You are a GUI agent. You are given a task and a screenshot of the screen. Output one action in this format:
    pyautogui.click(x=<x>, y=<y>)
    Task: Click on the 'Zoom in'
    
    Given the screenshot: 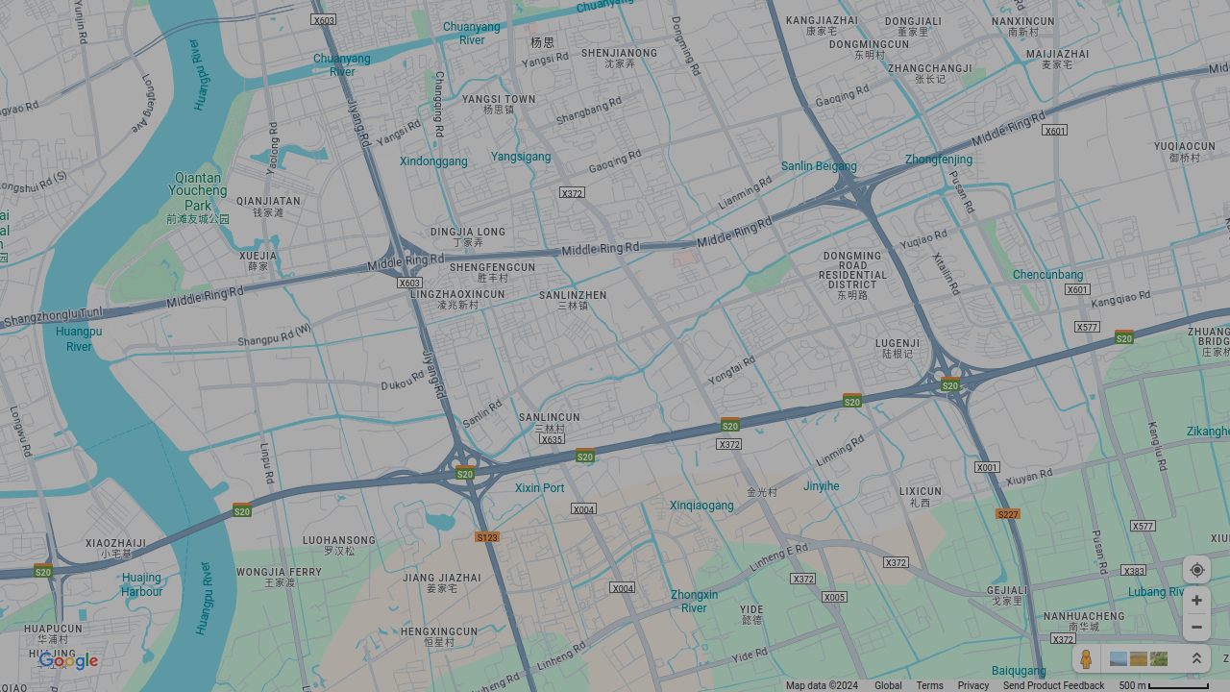 What is the action you would take?
    pyautogui.click(x=1195, y=599)
    